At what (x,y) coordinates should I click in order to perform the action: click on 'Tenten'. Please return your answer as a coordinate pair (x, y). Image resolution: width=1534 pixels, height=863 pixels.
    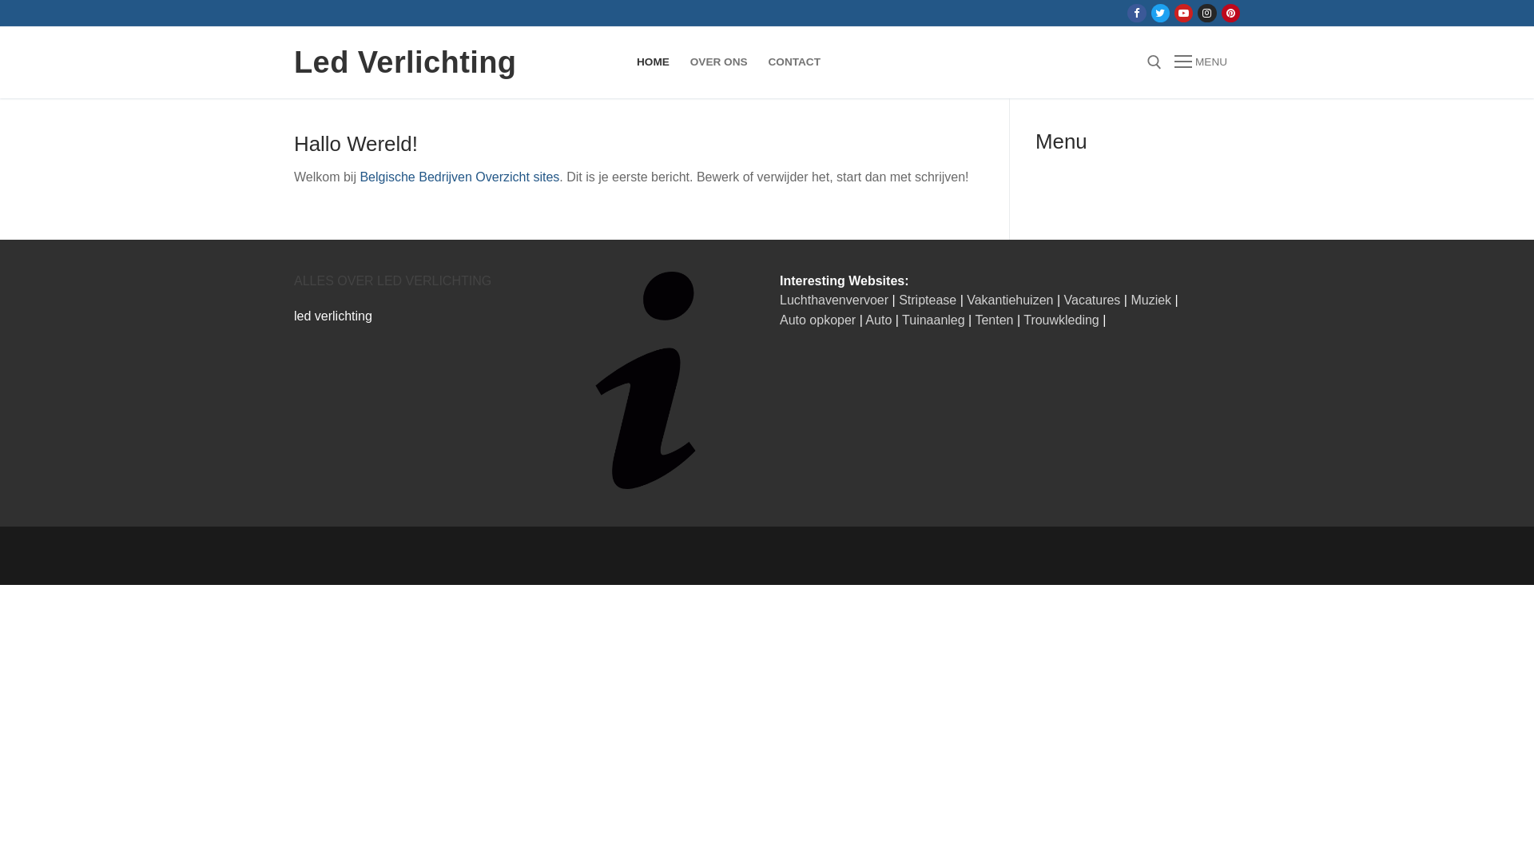
    Looking at the image, I should click on (973, 320).